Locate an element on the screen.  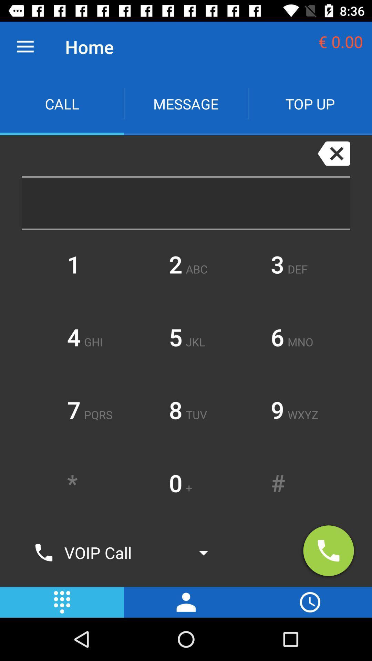
the item below the top up icon is located at coordinates (333, 153).